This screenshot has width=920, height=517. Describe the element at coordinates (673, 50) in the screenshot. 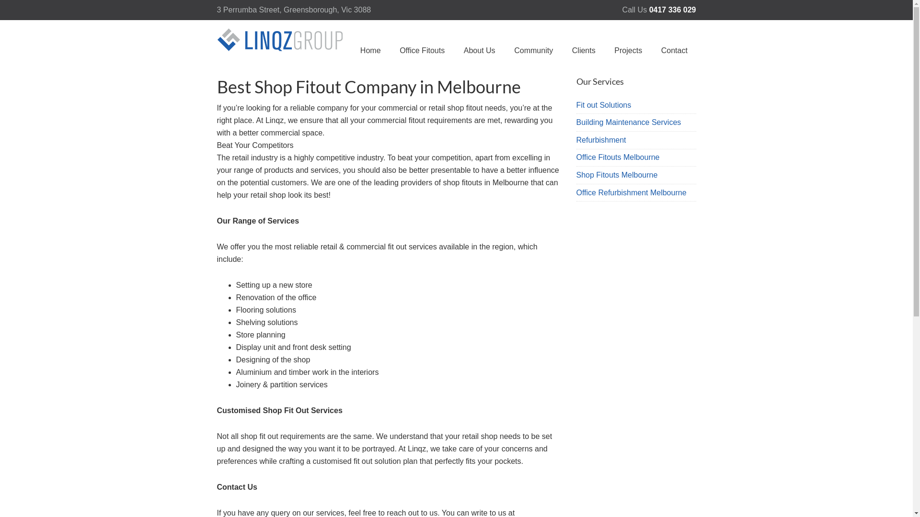

I see `'Contact'` at that location.